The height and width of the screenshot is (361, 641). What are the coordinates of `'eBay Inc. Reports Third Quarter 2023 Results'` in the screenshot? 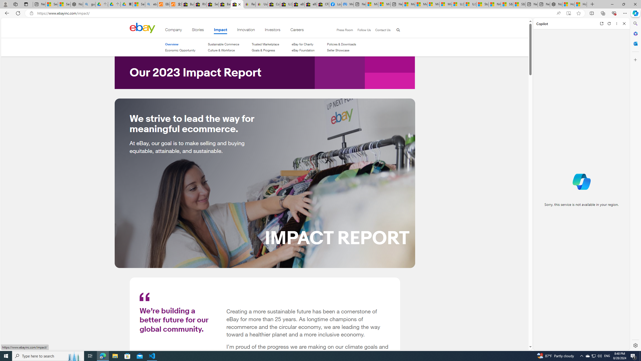 It's located at (310, 4).